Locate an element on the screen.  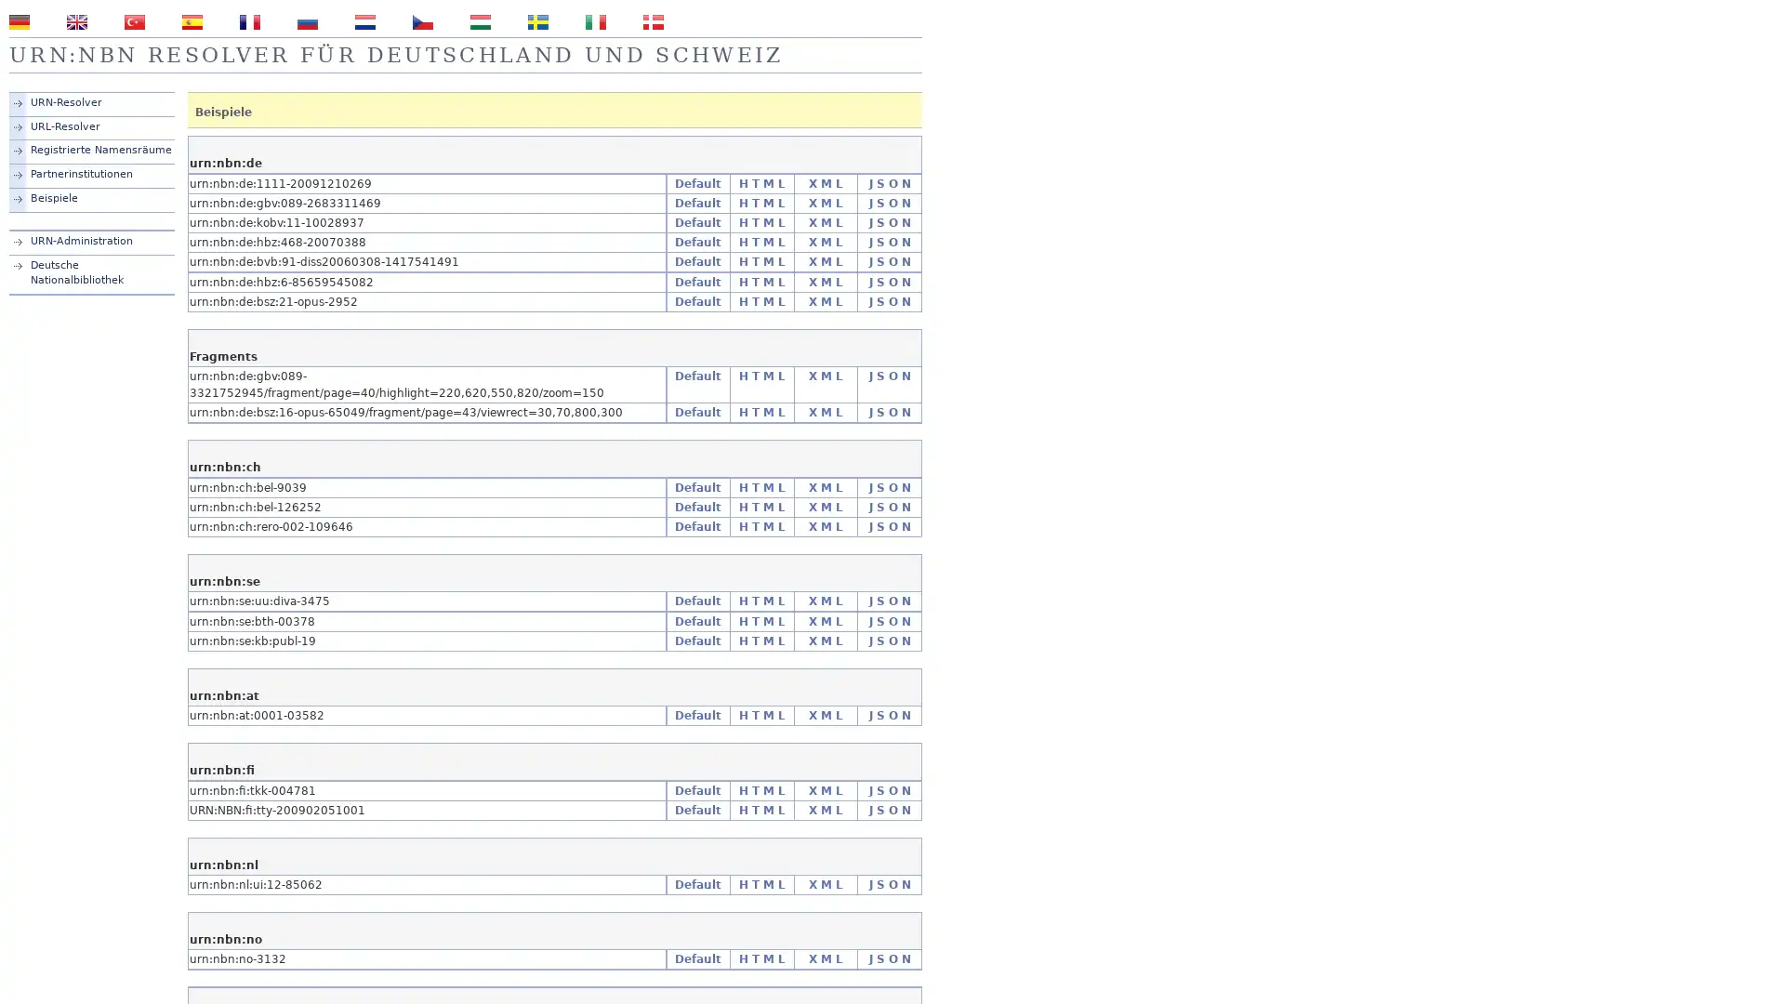
cz is located at coordinates (422, 21).